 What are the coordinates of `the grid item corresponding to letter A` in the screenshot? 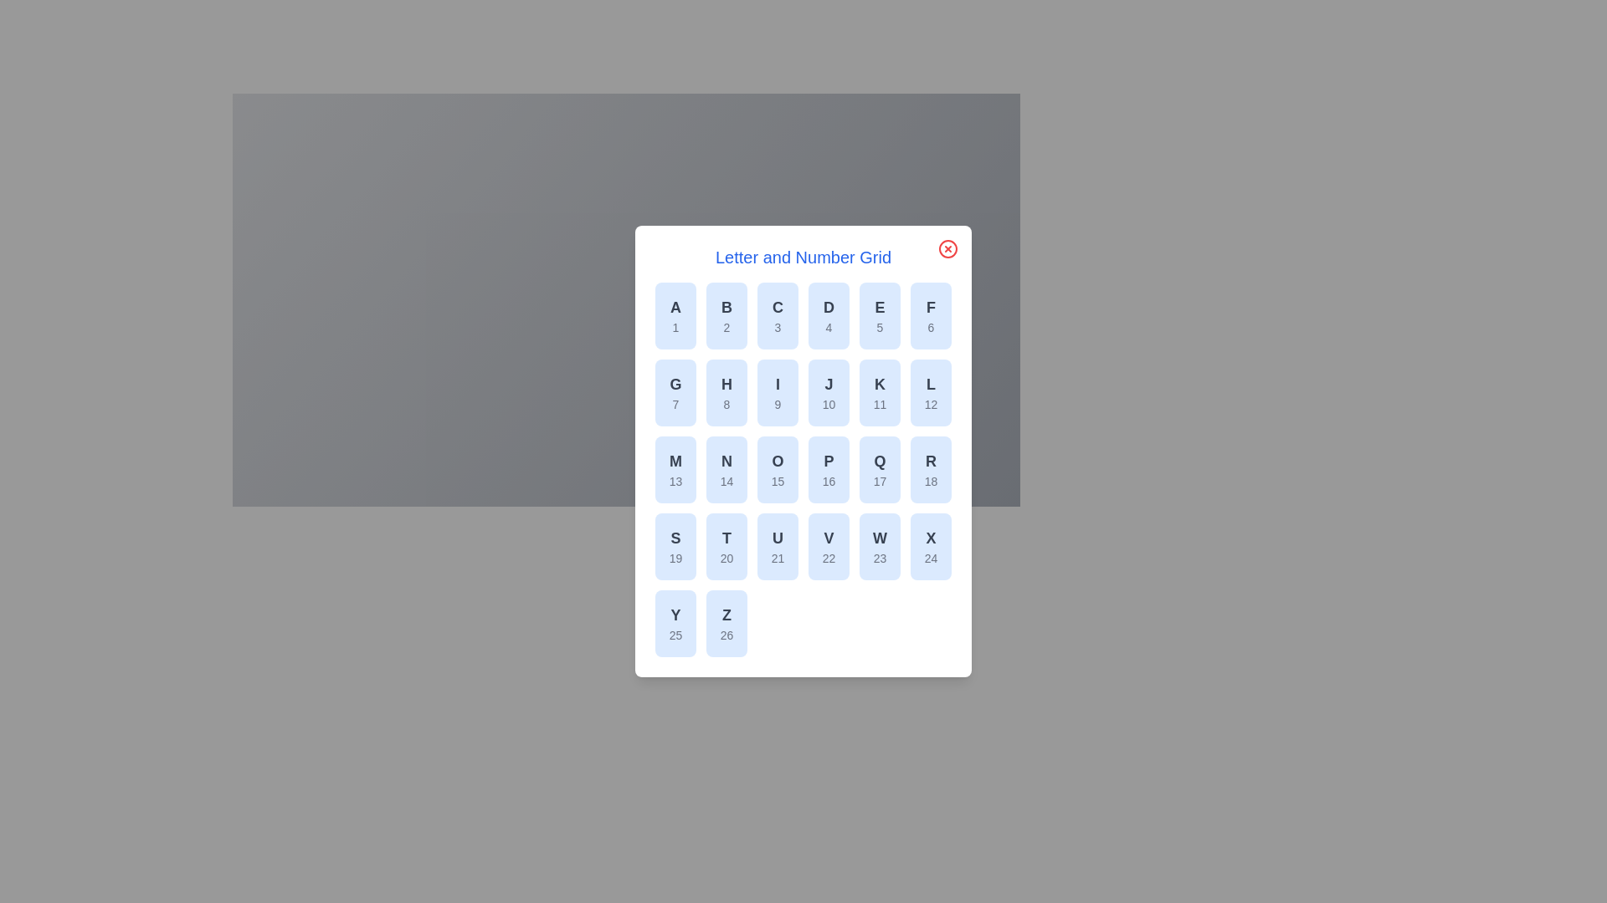 It's located at (675, 316).